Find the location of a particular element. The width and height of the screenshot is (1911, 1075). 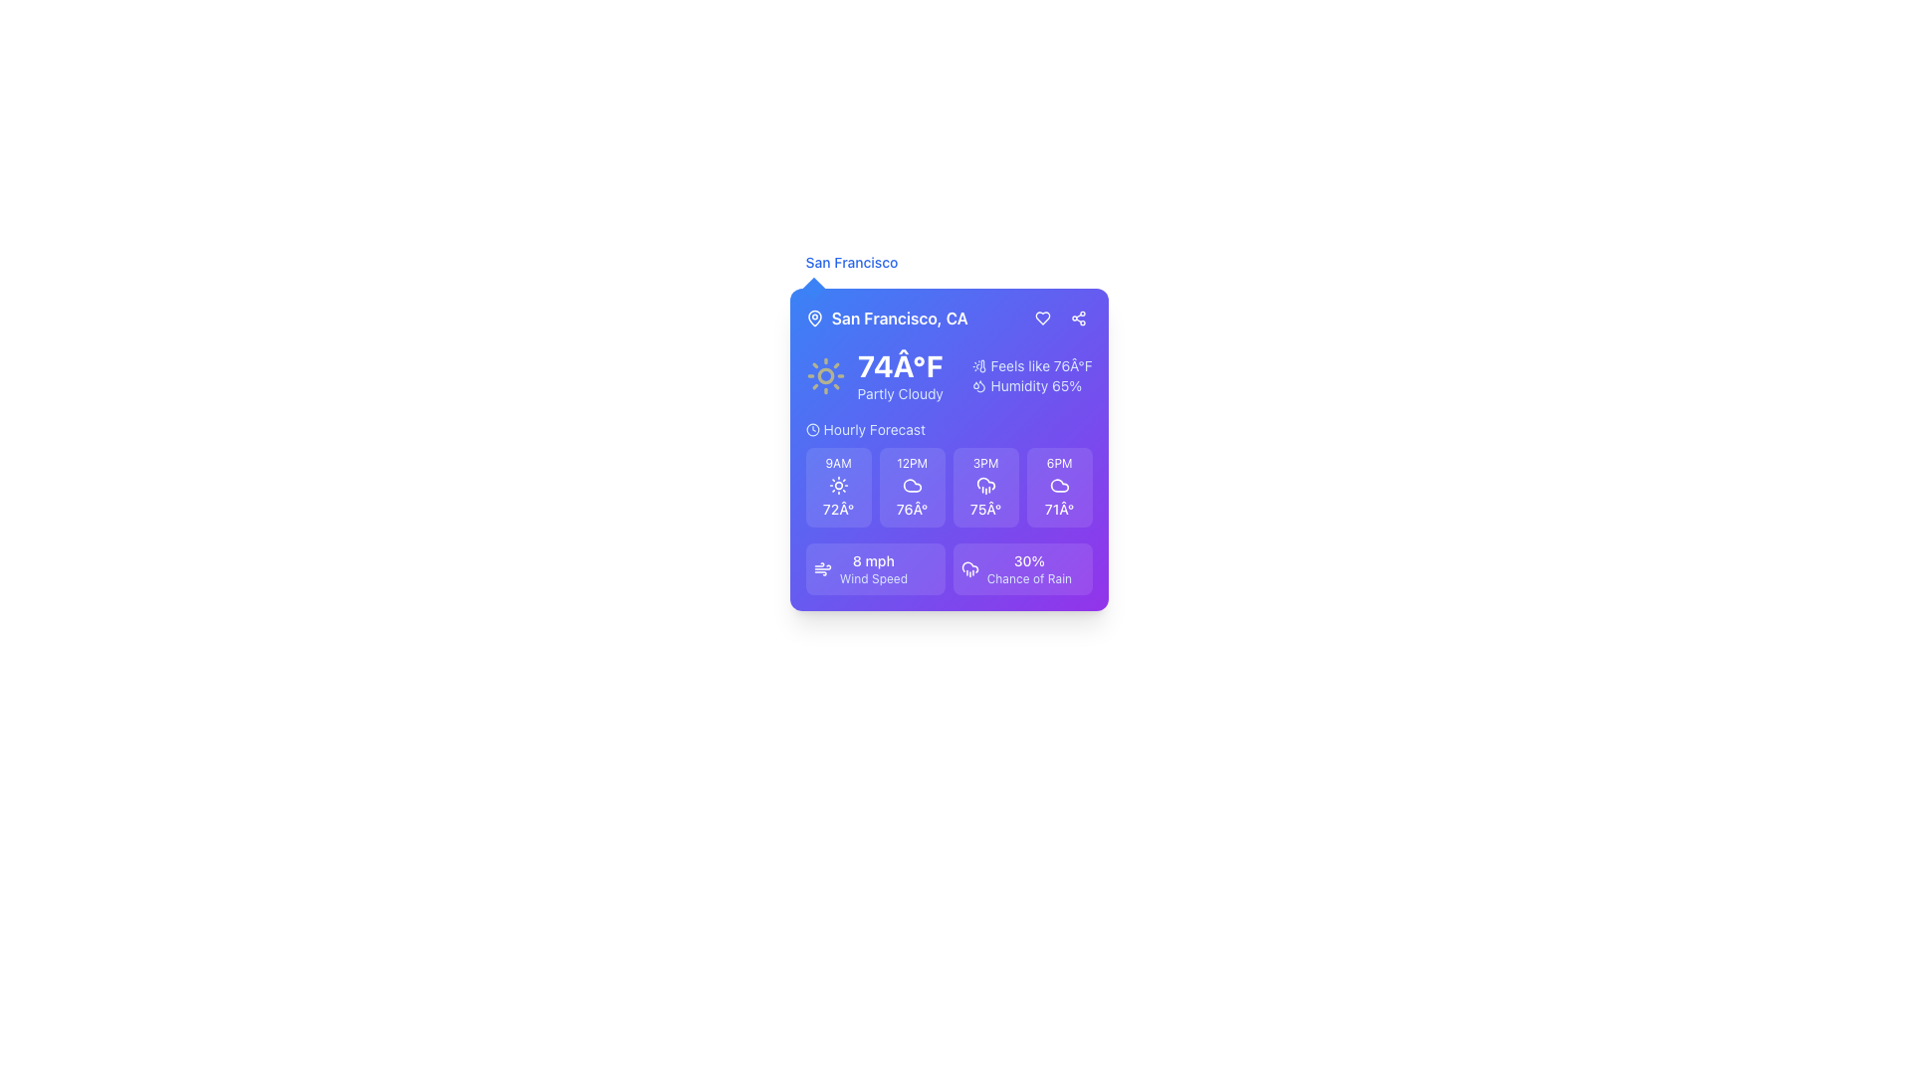

the sunny weather icon located in the weather overview card for '9AM' with a temperature of '72°' is located at coordinates (838, 486).